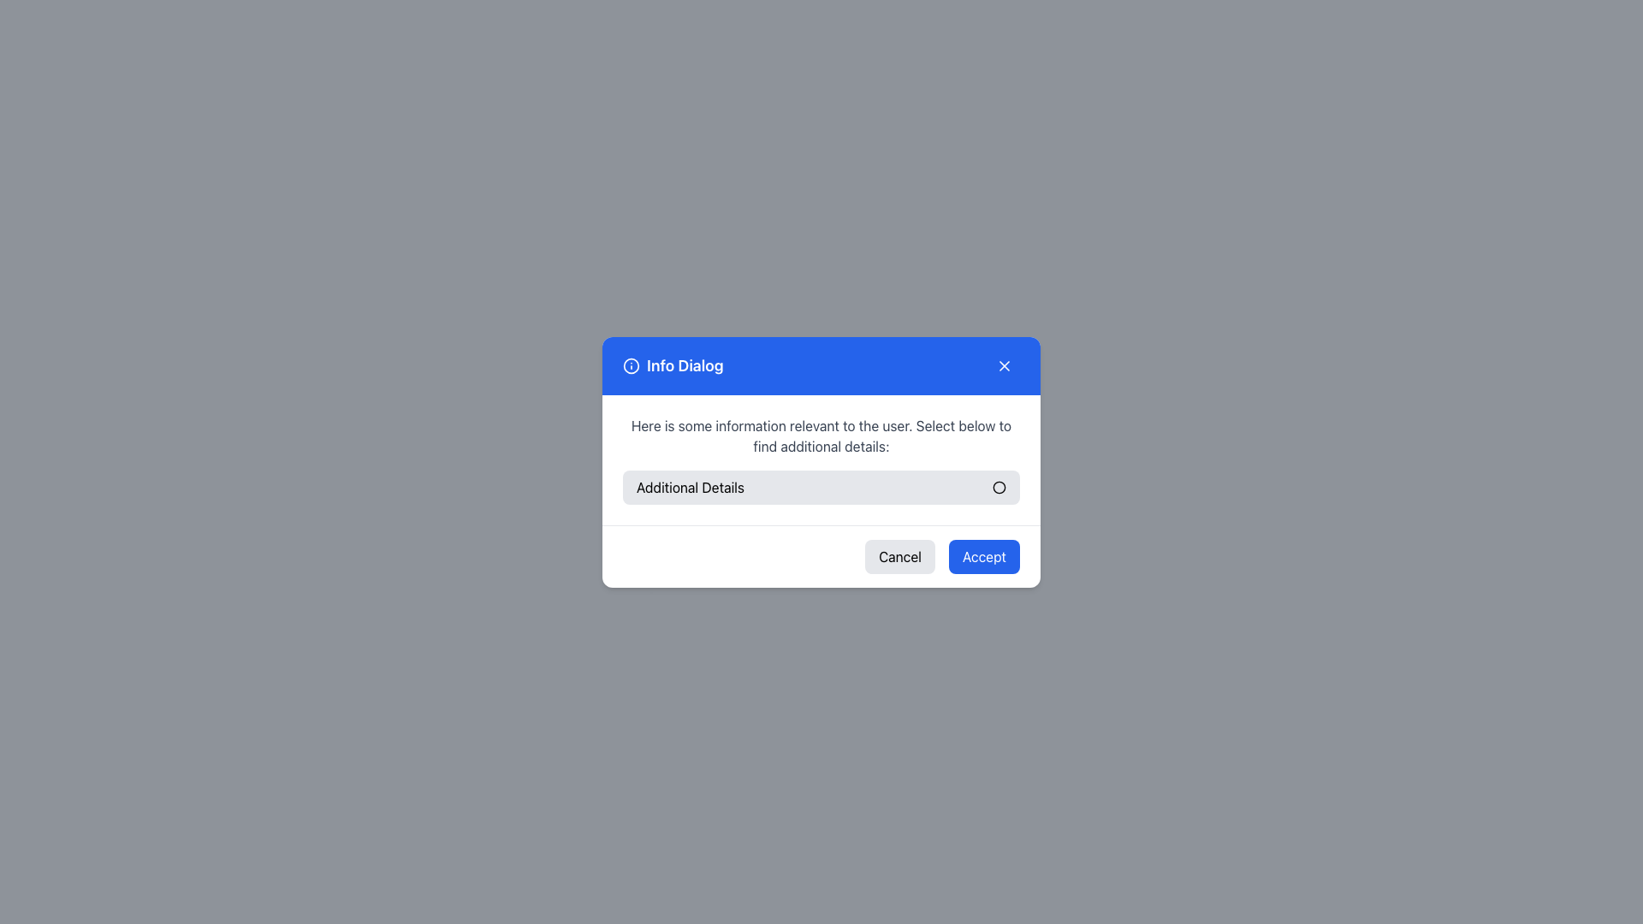 This screenshot has width=1643, height=924. What do you see at coordinates (821, 435) in the screenshot?
I see `the text block displaying the message 'Here is some information relevant to the user. Select below to find additional details:' which is styled in gray font and positioned at the top of the dialog box` at bounding box center [821, 435].